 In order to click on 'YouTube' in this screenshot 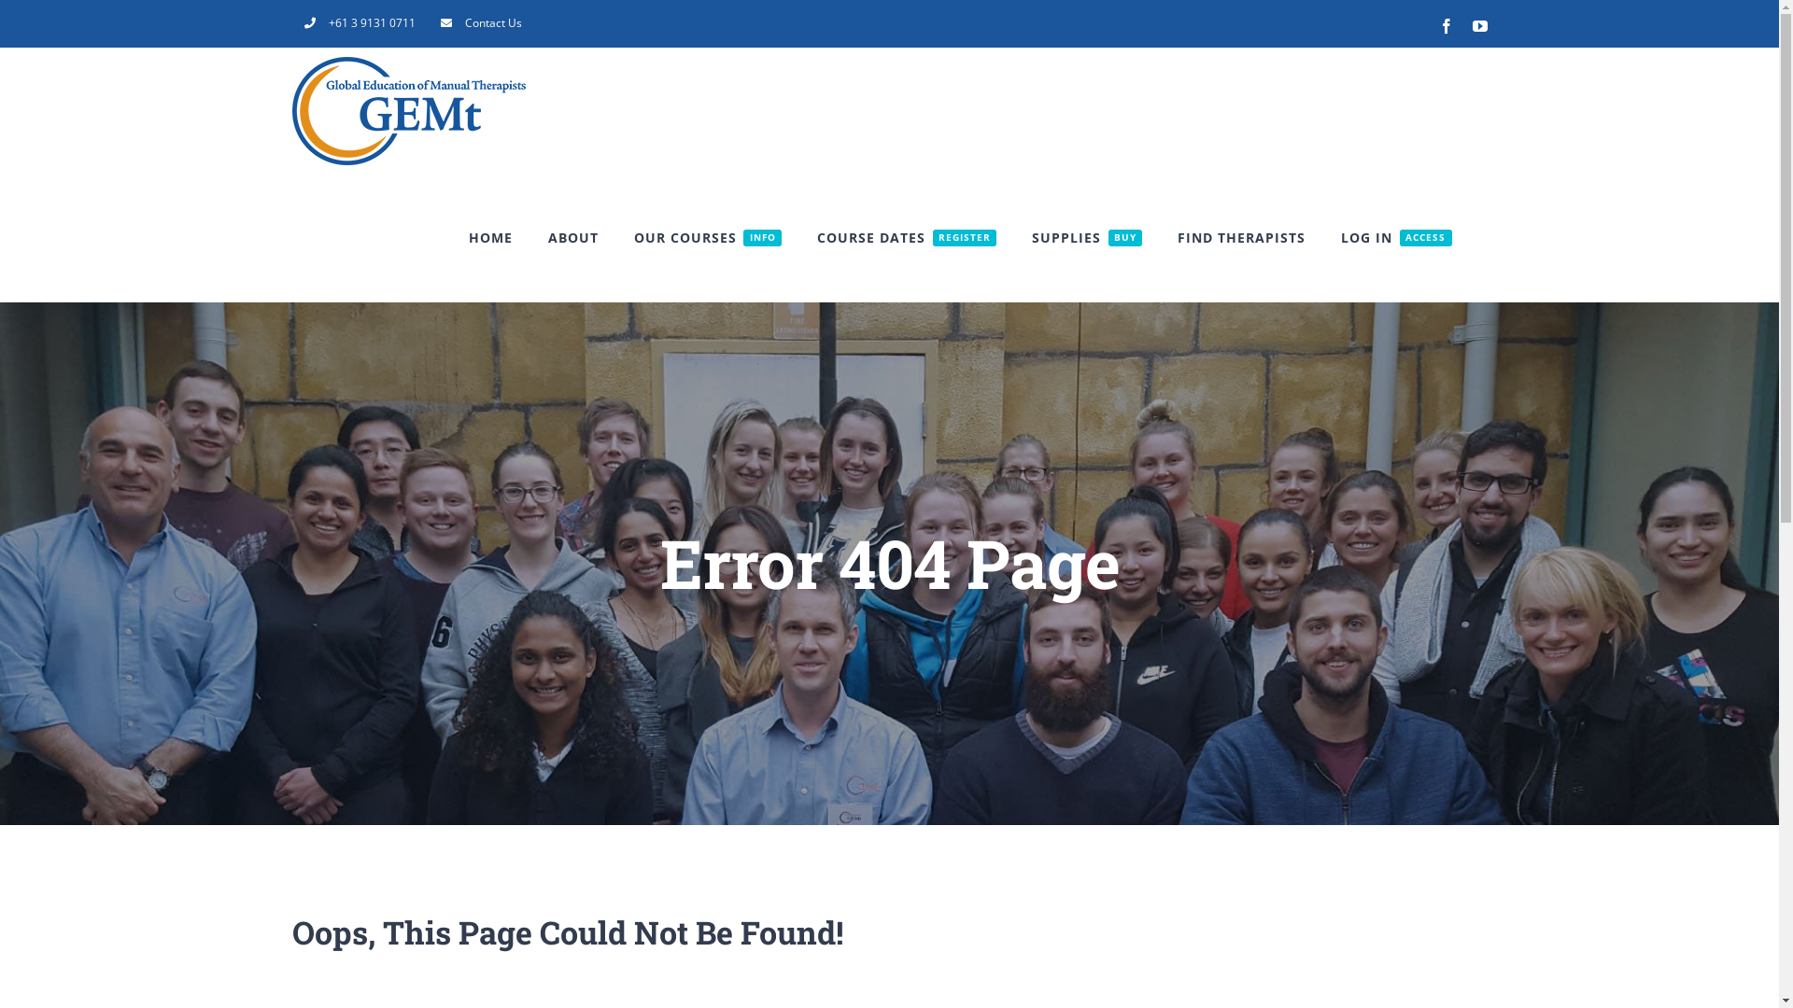, I will do `click(1478, 25)`.